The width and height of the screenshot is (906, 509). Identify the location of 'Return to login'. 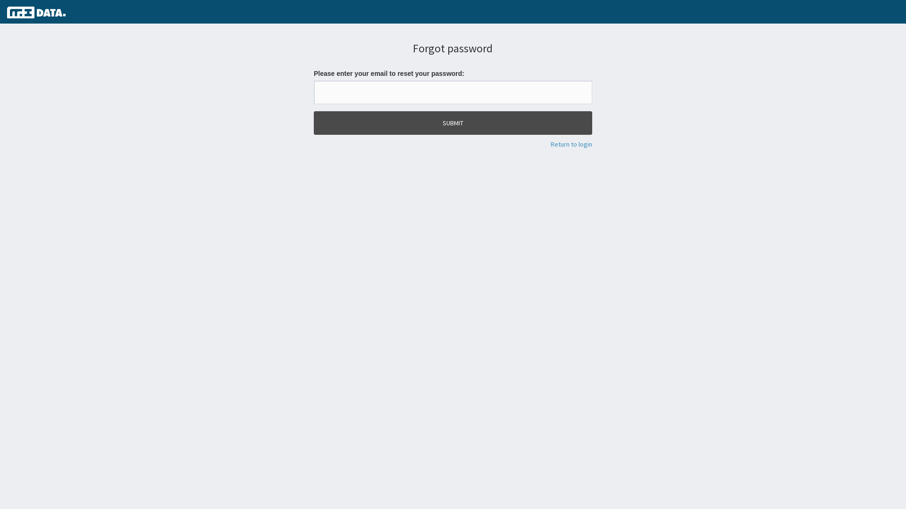
(550, 144).